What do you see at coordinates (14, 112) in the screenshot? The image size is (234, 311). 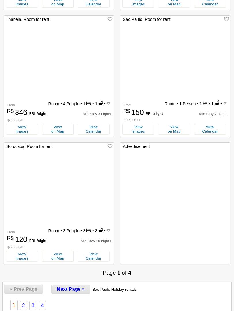 I see `'346'` at bounding box center [14, 112].